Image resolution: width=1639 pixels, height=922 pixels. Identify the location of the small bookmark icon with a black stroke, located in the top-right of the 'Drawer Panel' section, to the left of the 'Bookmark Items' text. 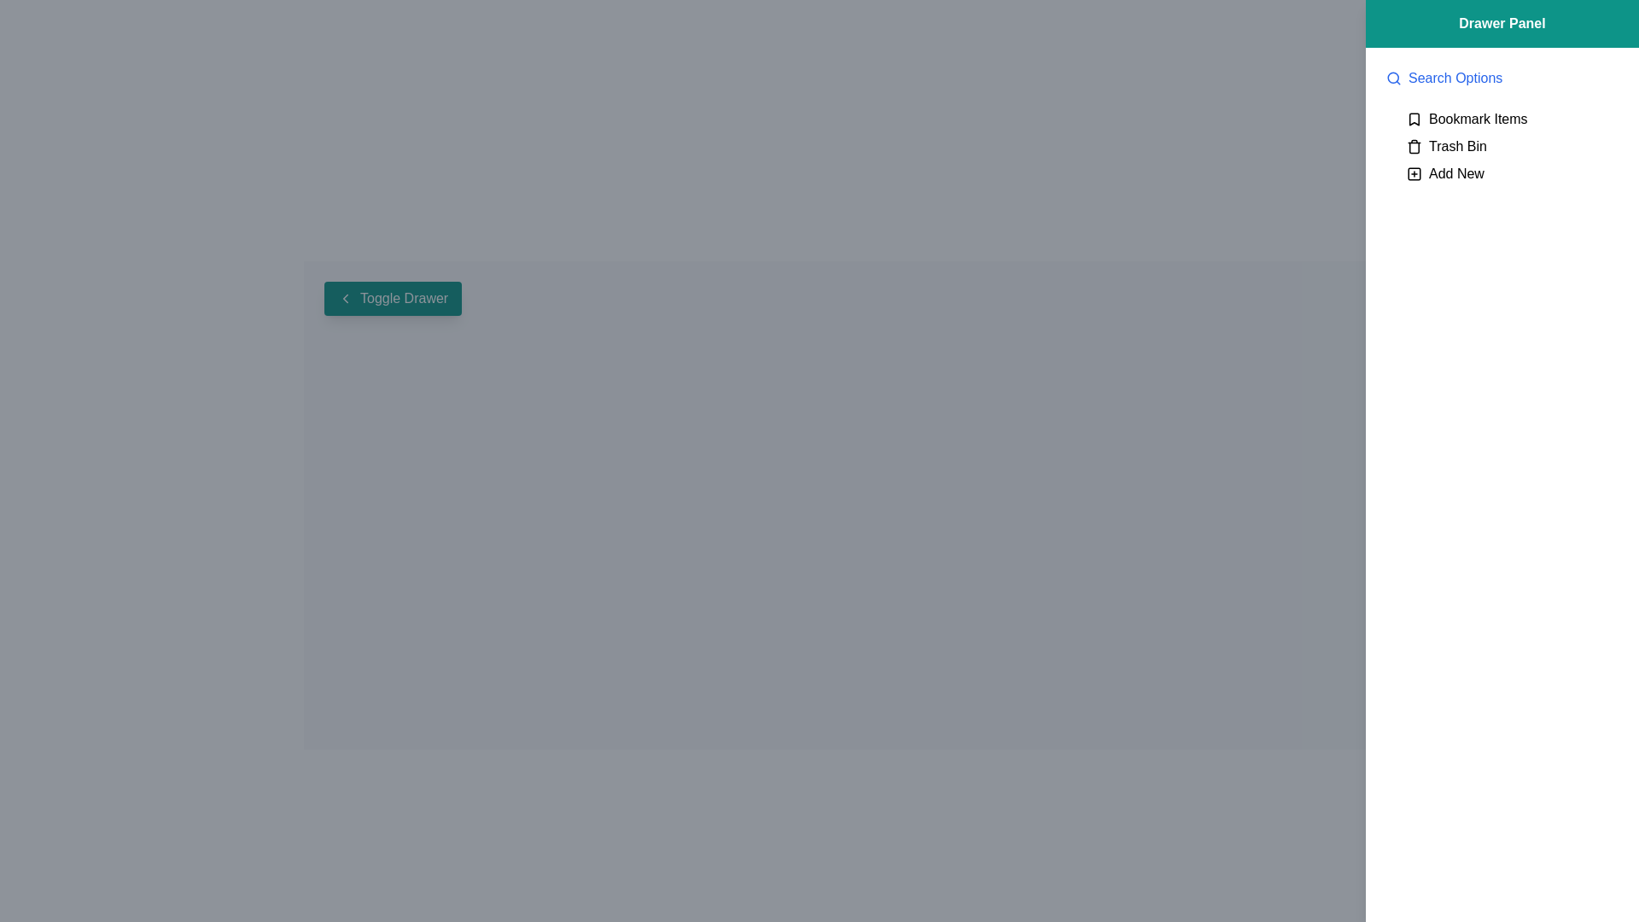
(1414, 118).